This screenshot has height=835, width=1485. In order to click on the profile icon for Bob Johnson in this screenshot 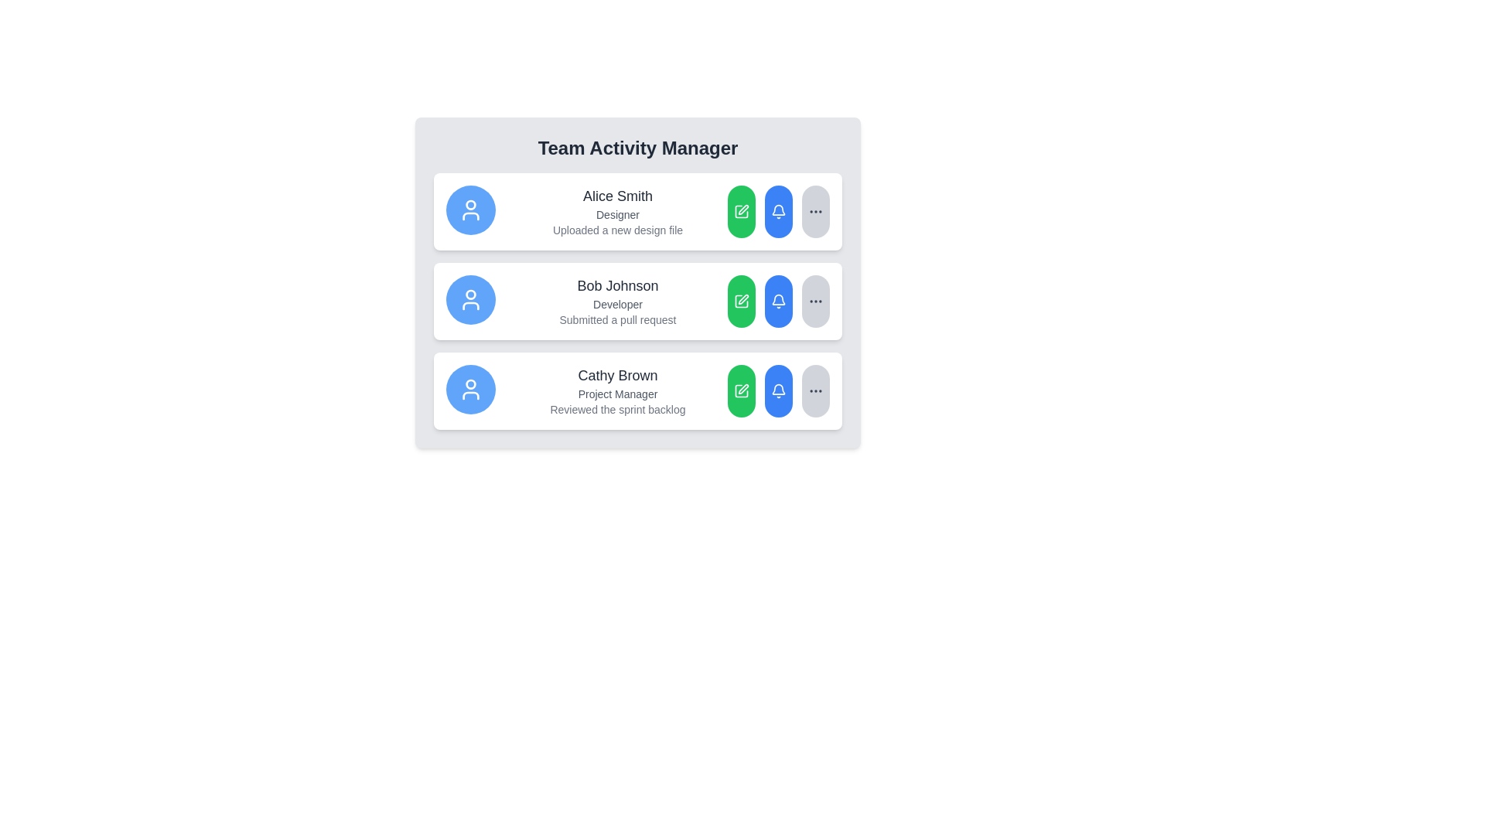, I will do `click(470, 295)`.